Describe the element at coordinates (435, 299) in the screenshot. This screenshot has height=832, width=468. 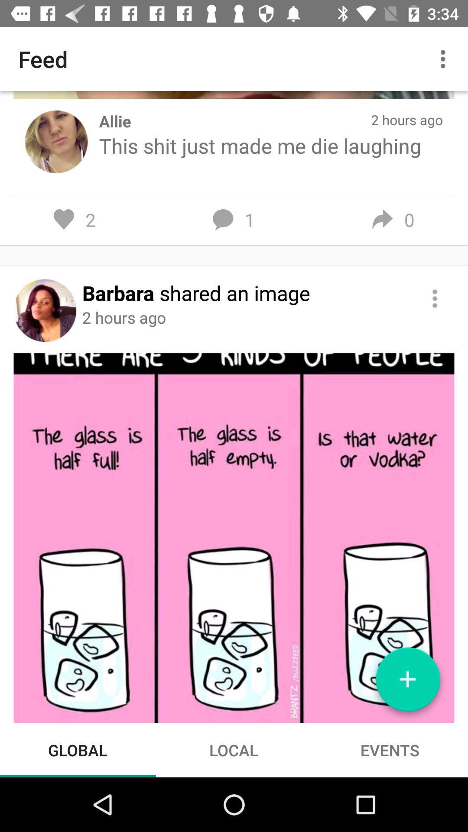
I see `item on the right` at that location.